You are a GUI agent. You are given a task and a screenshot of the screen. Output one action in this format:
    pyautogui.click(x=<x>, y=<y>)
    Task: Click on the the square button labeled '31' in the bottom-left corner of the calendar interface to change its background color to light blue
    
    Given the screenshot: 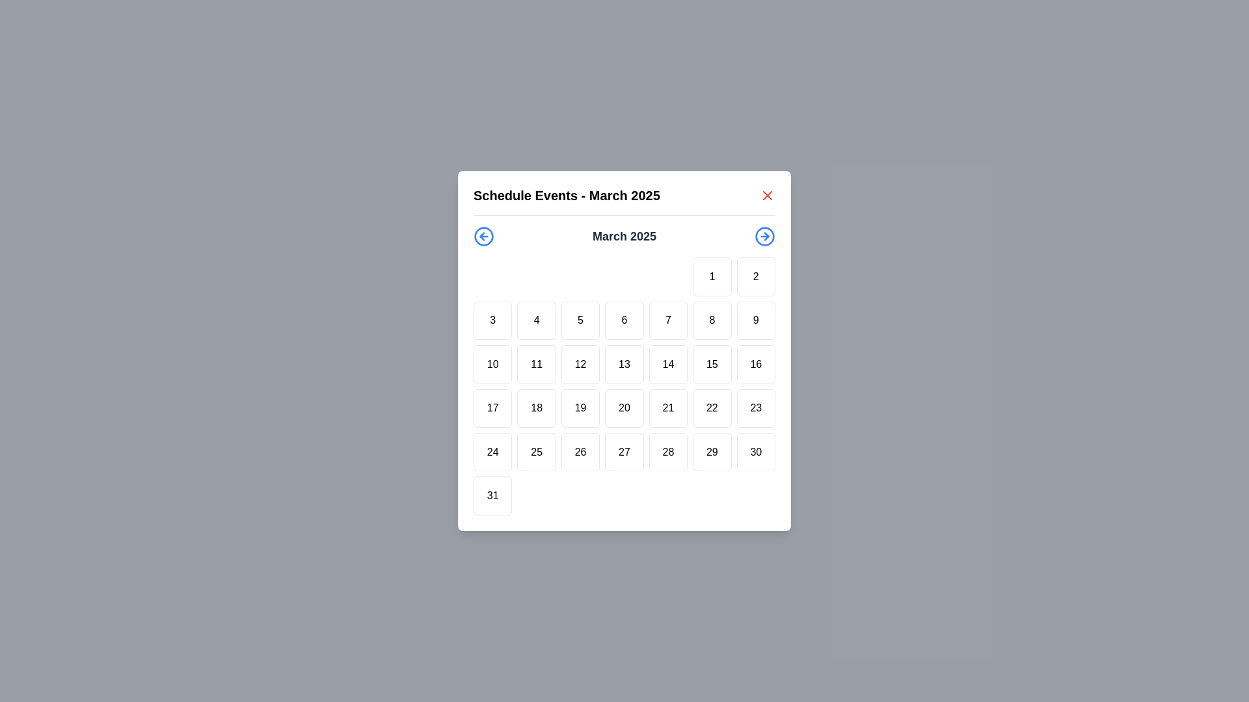 What is the action you would take?
    pyautogui.click(x=492, y=496)
    